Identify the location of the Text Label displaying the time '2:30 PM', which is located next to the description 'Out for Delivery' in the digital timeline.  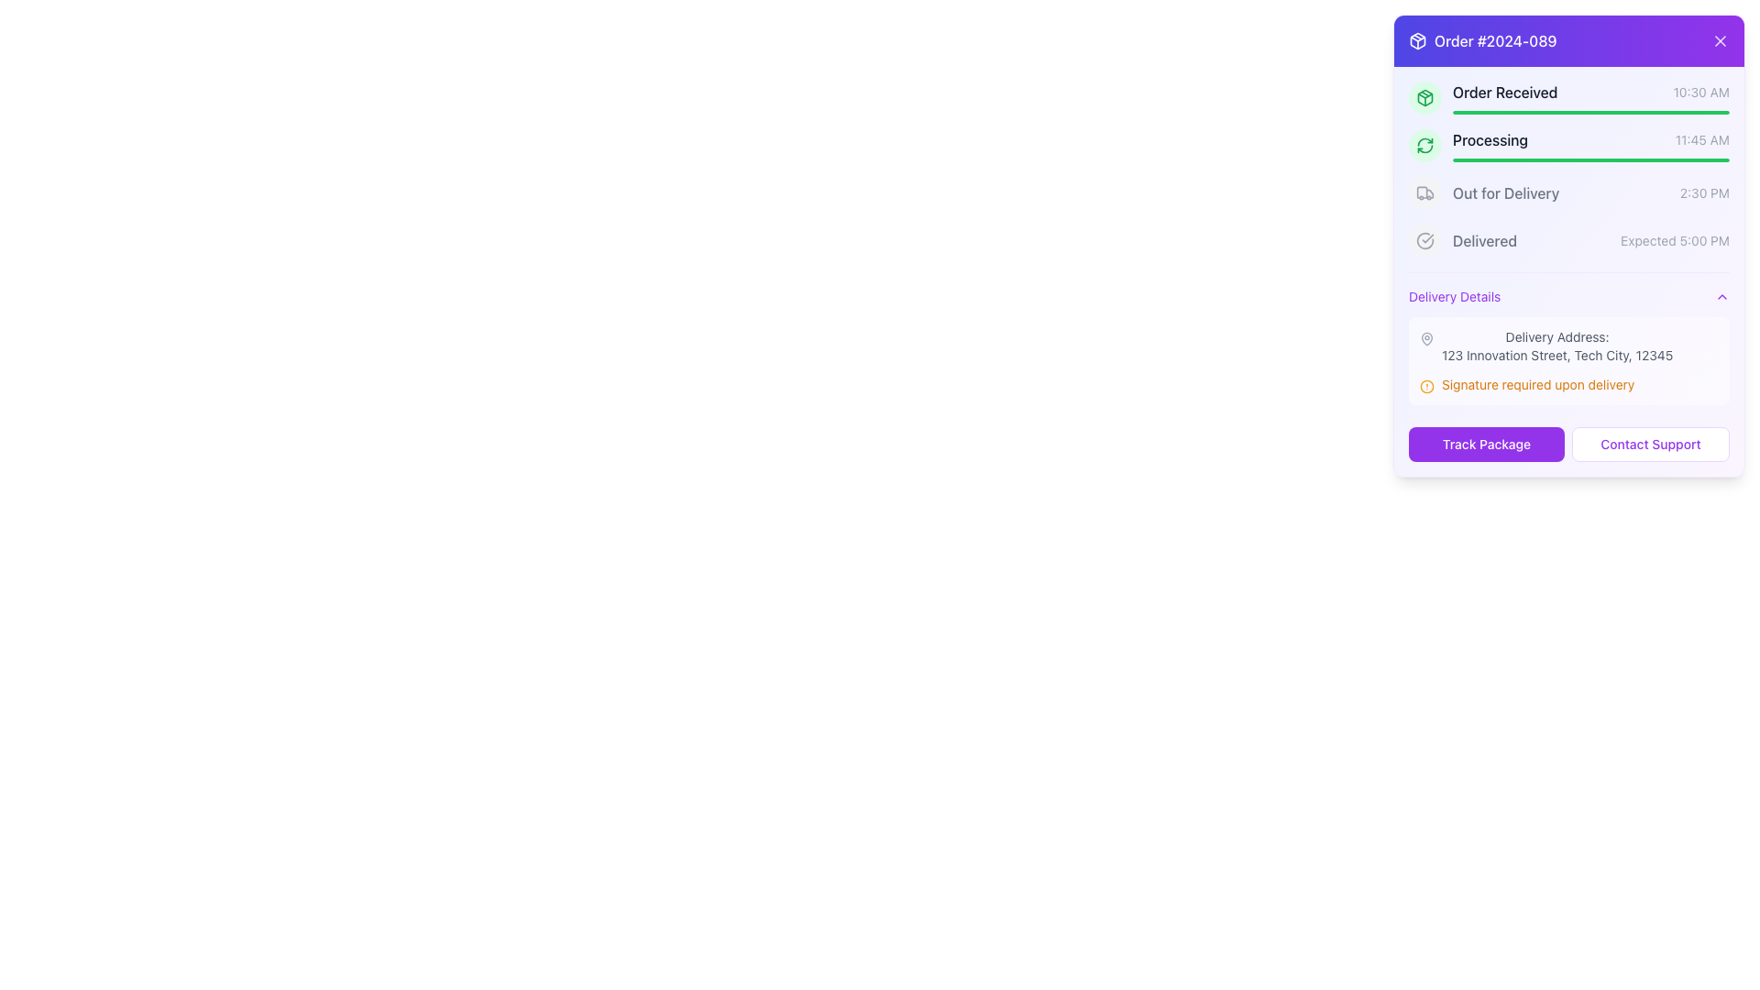
(1703, 193).